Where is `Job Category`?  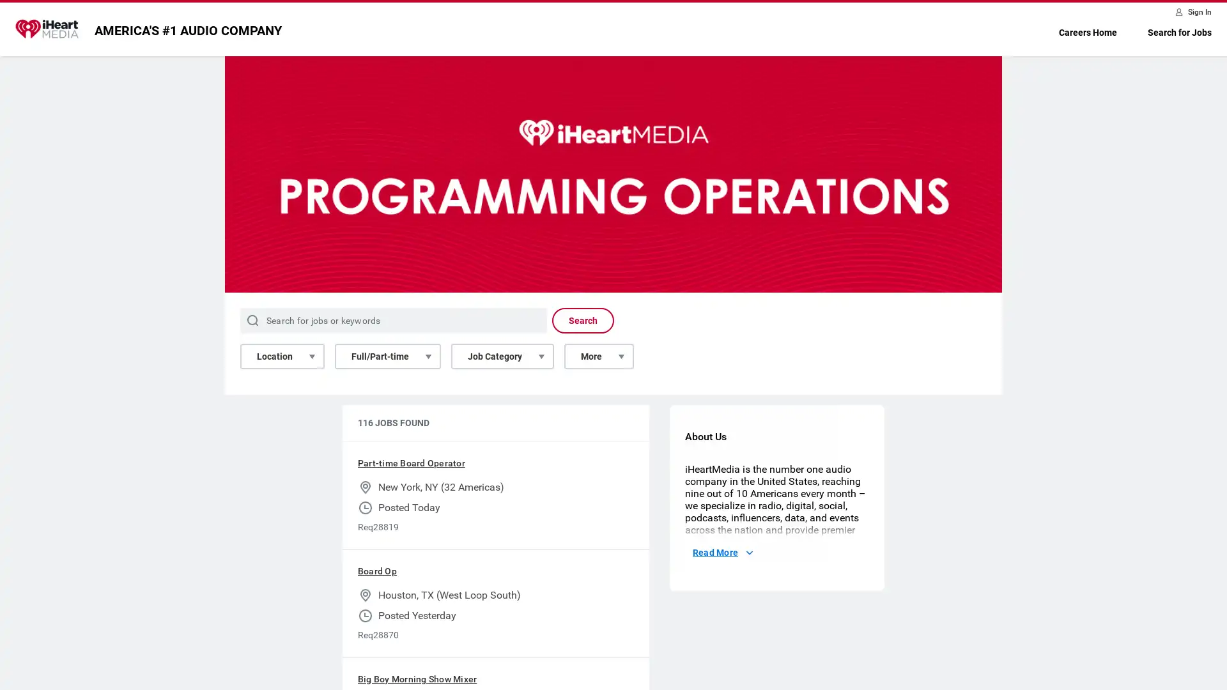 Job Category is located at coordinates (502, 356).